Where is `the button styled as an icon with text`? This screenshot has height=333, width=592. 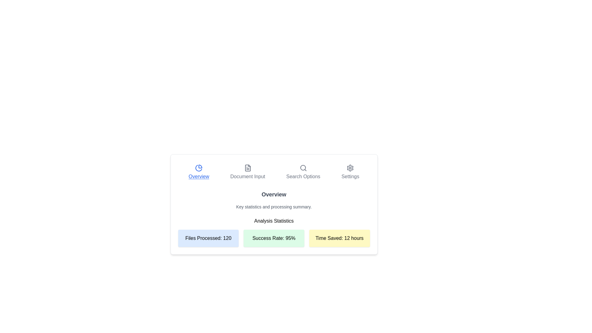
the button styled as an icon with text is located at coordinates (248, 172).